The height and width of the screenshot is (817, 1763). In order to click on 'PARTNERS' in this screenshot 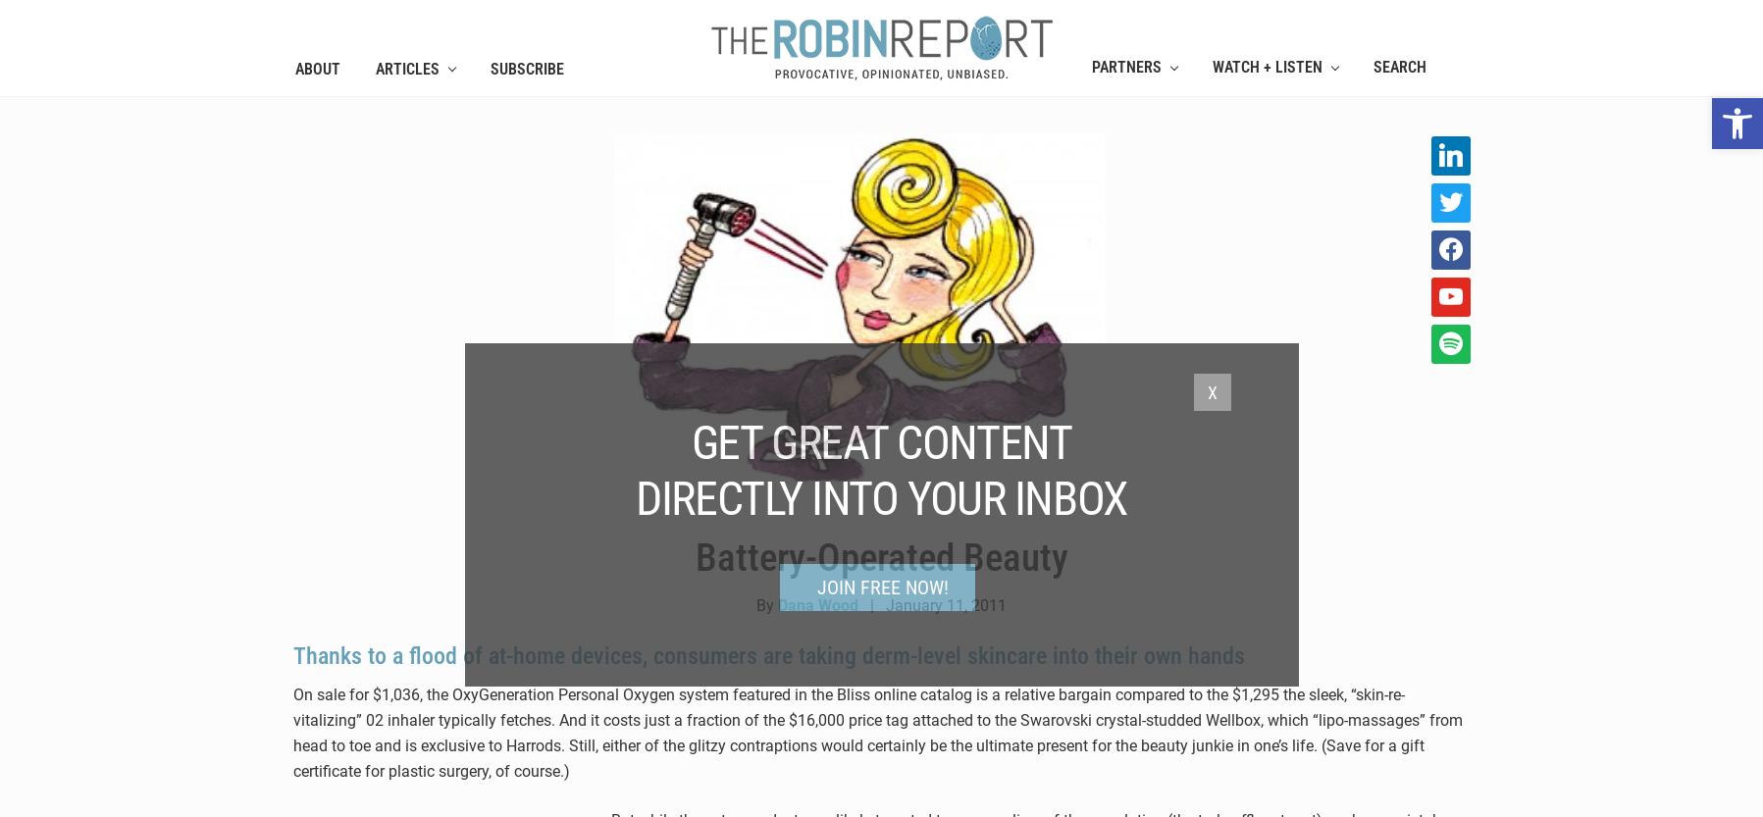, I will do `click(1124, 66)`.